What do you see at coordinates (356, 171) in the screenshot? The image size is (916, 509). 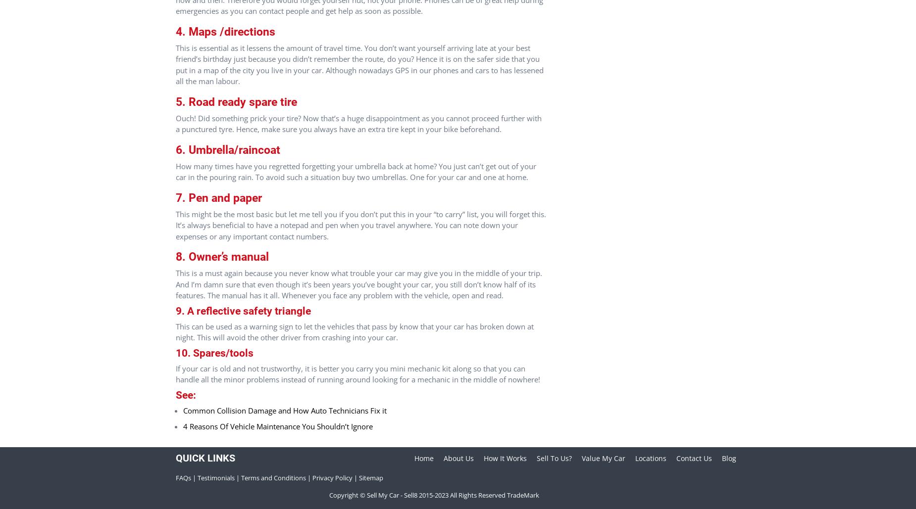 I see `'How many times have you regretted forgetting your umbrella back at home? You just can’t get out of your car in the pouring rain. To avoid such a situation buy two umbrellas. One for your car and one at home.'` at bounding box center [356, 171].